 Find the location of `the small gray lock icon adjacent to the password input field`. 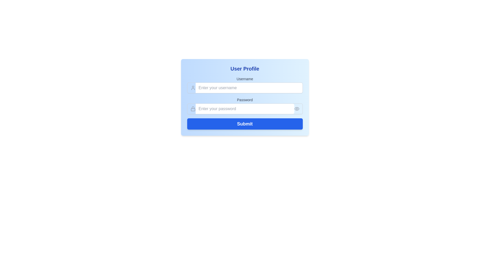

the small gray lock icon adjacent to the password input field is located at coordinates (193, 108).